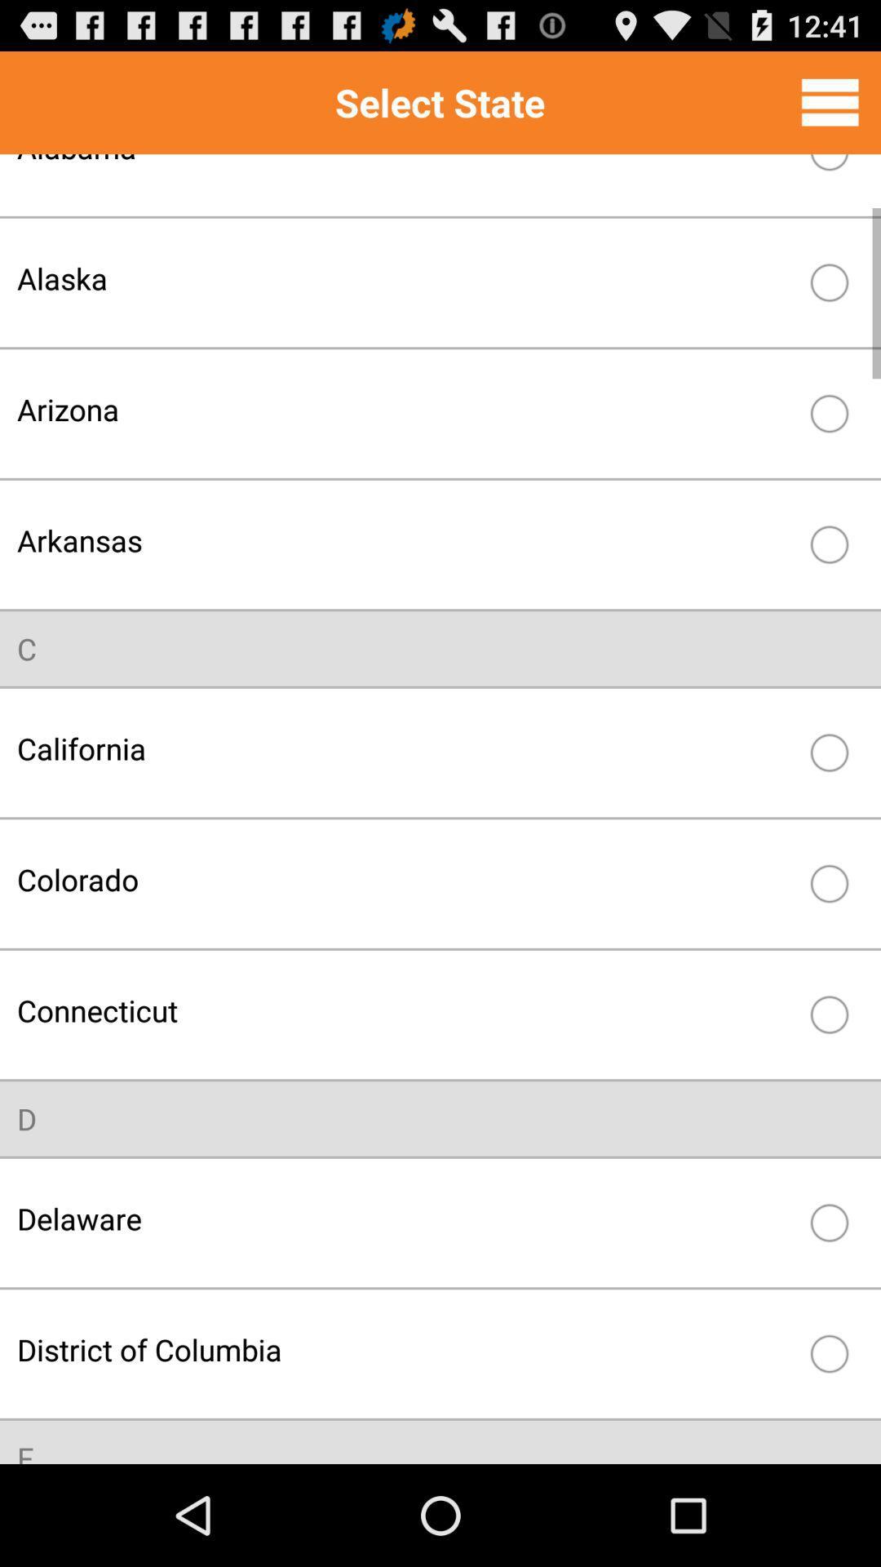 This screenshot has height=1567, width=881. I want to click on f, so click(25, 1450).